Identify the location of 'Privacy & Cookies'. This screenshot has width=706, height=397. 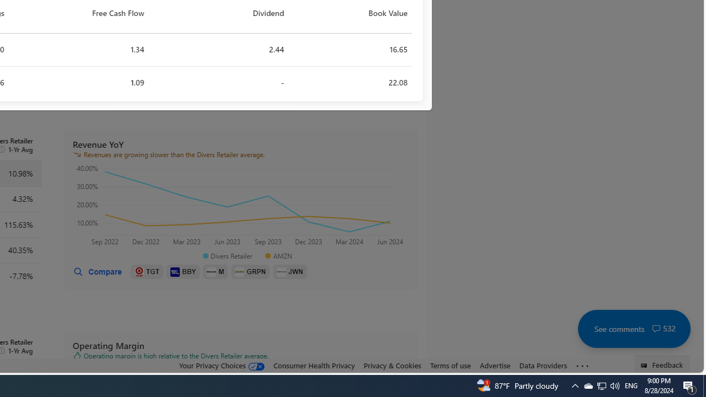
(392, 366).